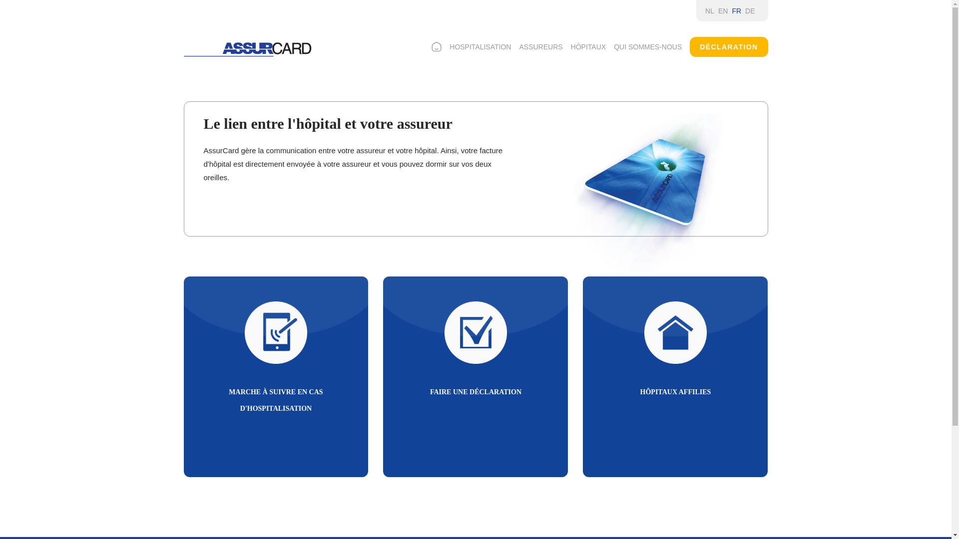 The width and height of the screenshot is (959, 539). I want to click on 'NL', so click(704, 11).